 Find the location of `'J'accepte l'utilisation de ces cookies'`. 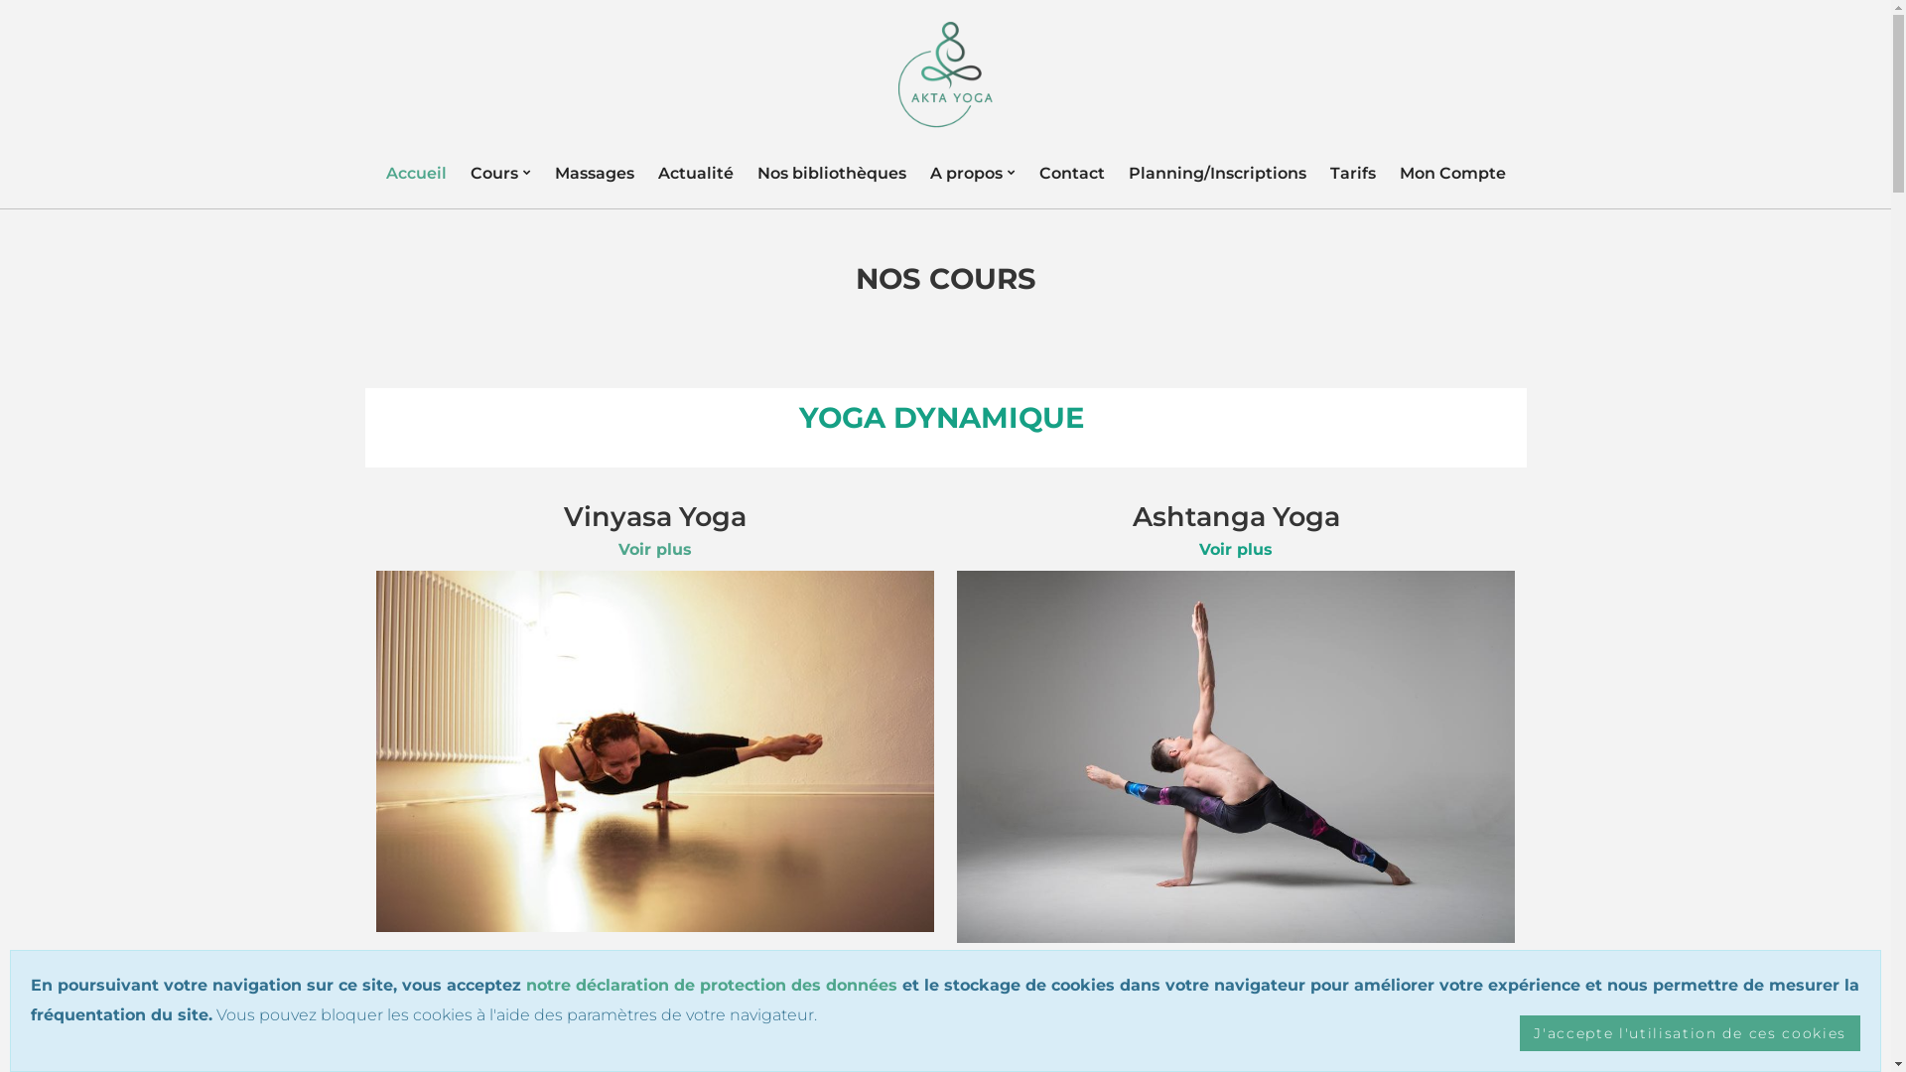

'J'accepte l'utilisation de ces cookies' is located at coordinates (1689, 1032).